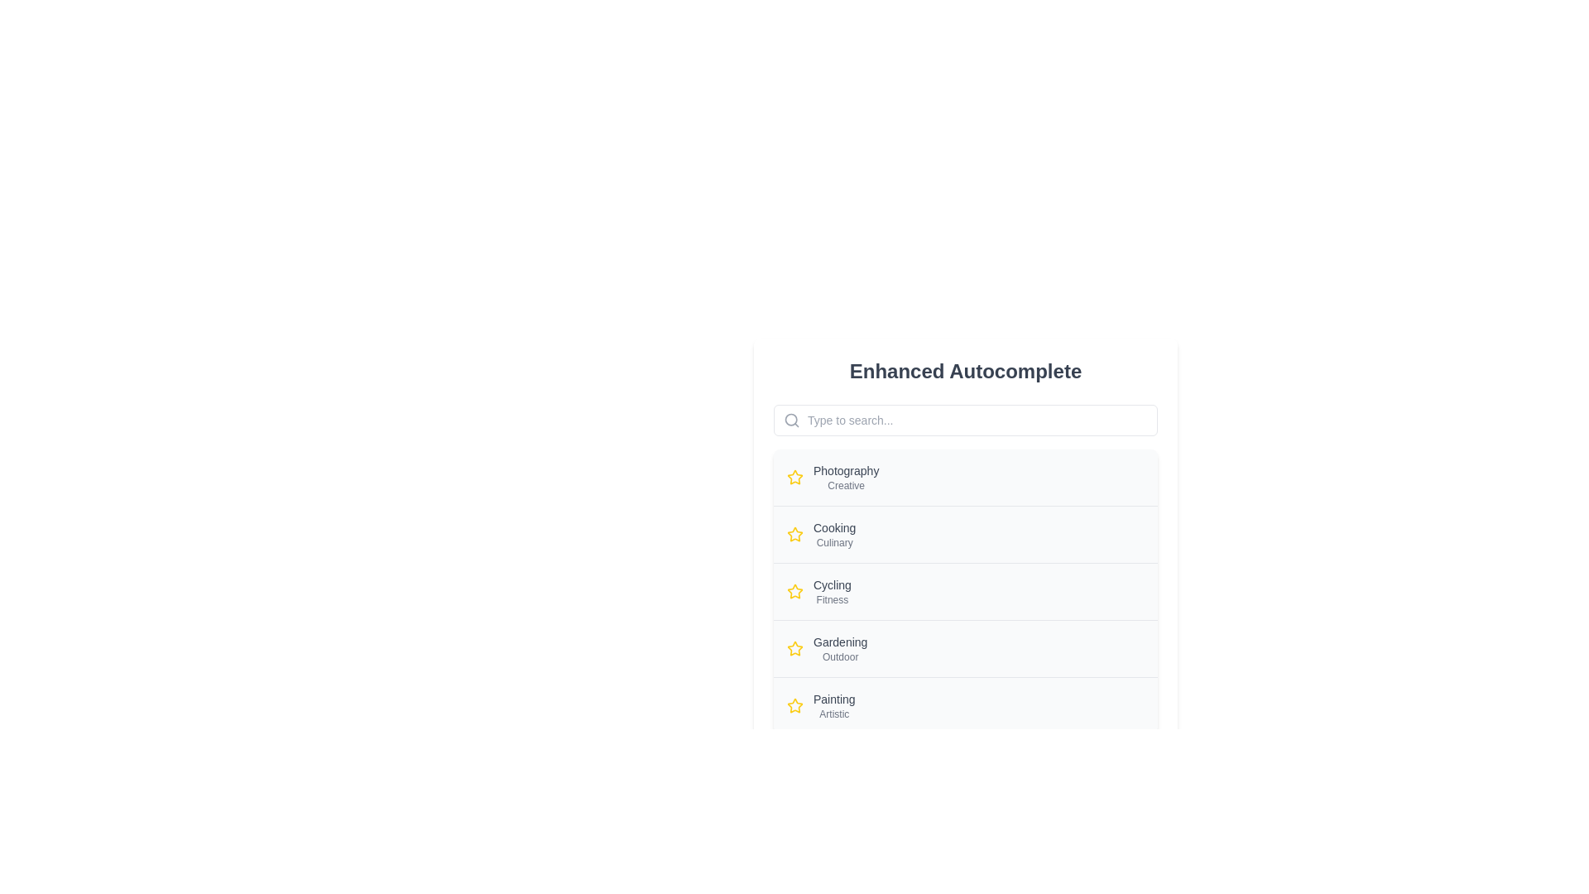 The height and width of the screenshot is (894, 1589). What do you see at coordinates (965, 370) in the screenshot?
I see `text label header that displays 'Enhanced Autocomplete' to understand the context of the section` at bounding box center [965, 370].